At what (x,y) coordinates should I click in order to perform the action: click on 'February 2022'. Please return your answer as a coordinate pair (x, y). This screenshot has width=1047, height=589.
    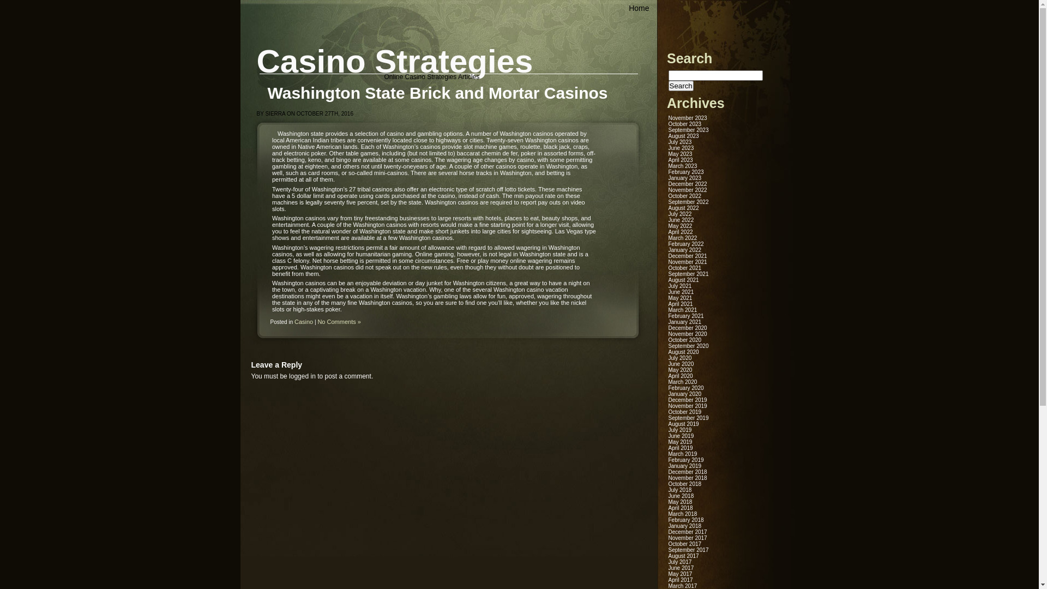
    Looking at the image, I should click on (685, 243).